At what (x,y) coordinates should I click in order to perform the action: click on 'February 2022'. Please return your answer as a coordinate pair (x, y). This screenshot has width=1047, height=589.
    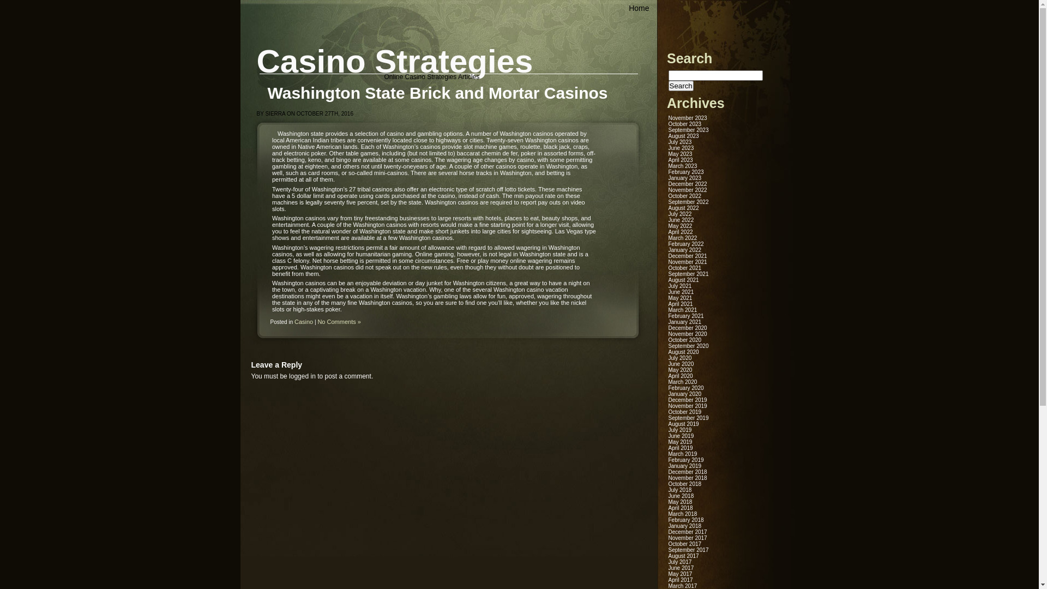
    Looking at the image, I should click on (685, 243).